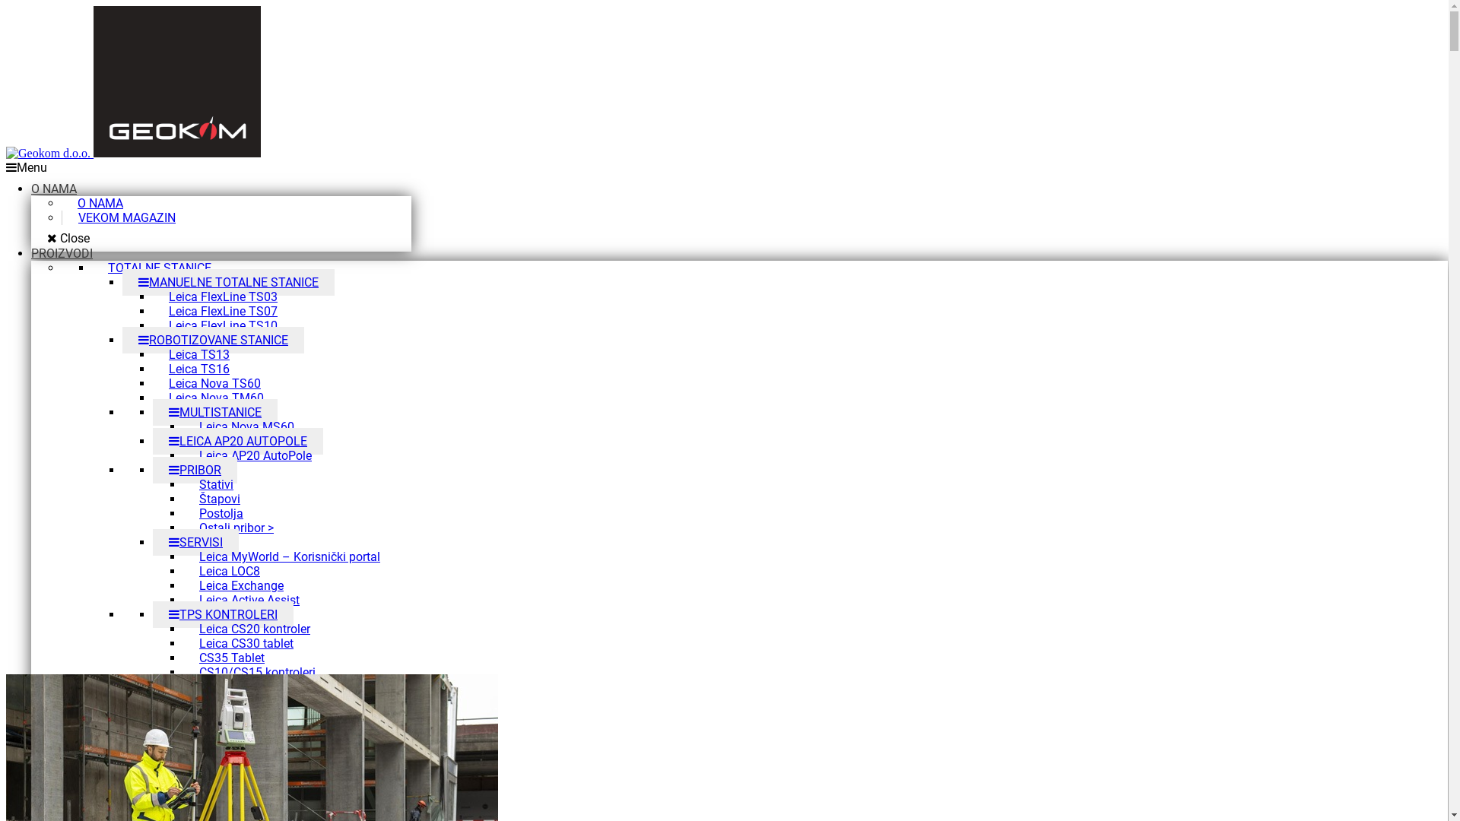 The height and width of the screenshot is (821, 1460). I want to click on 'Leica FlexLine TS10', so click(222, 325).